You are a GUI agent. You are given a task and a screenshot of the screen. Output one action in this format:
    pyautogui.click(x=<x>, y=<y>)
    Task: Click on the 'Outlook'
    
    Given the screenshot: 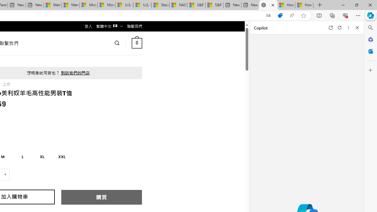 What is the action you would take?
    pyautogui.click(x=370, y=51)
    